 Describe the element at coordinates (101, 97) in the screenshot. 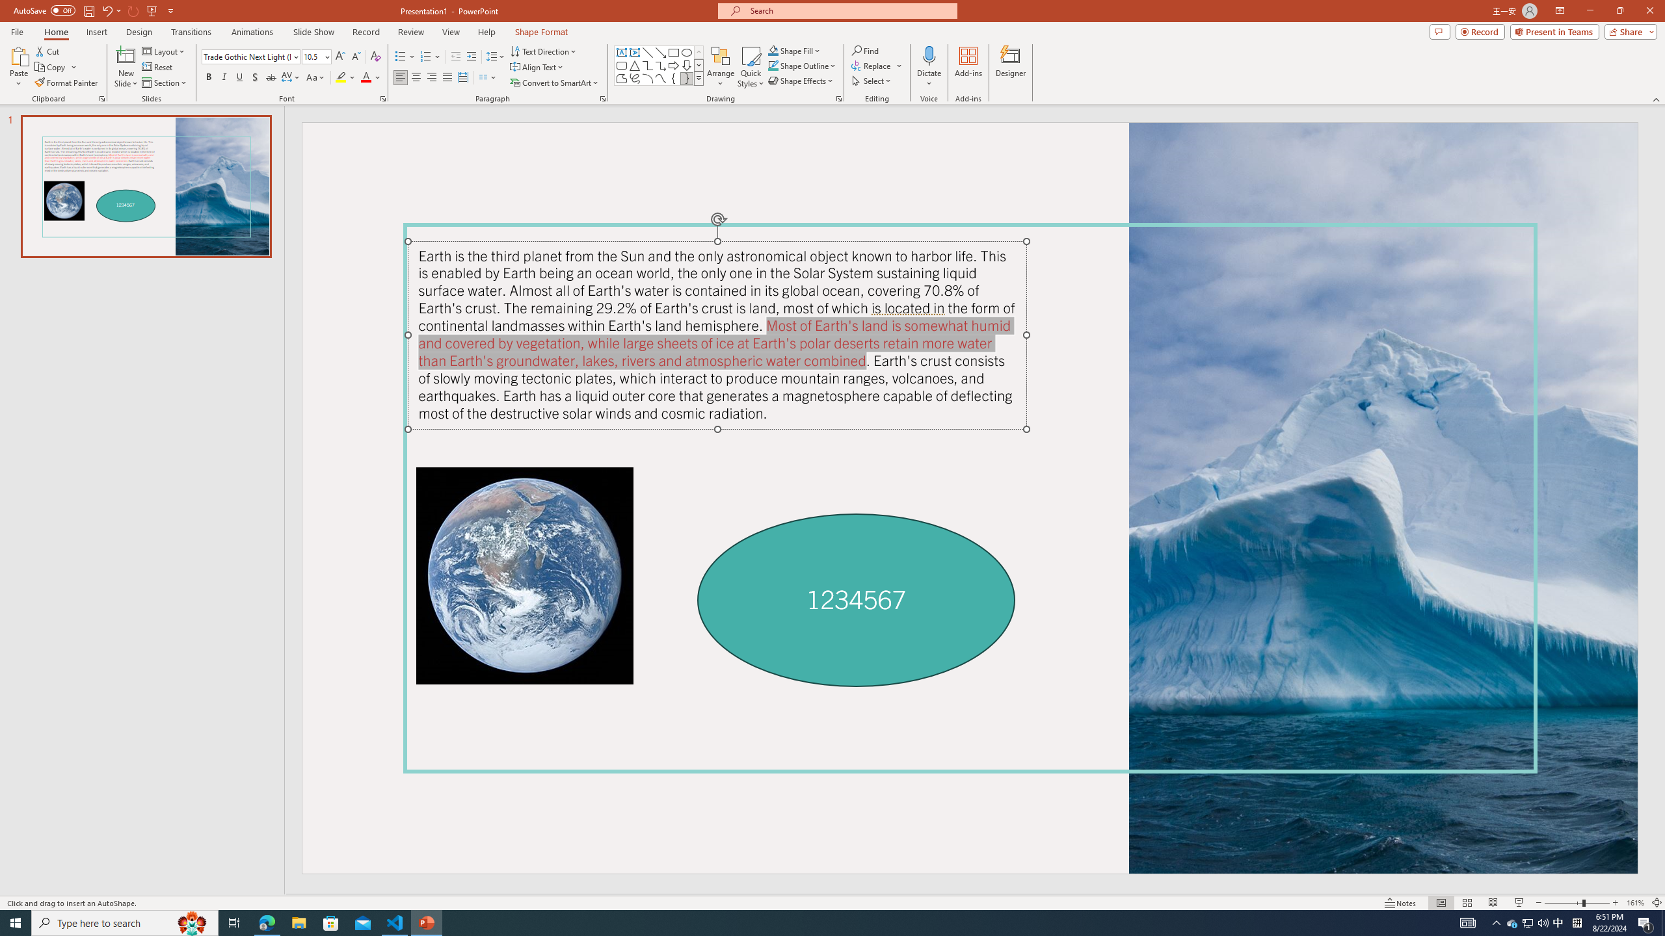

I see `'Office Clipboard...'` at that location.